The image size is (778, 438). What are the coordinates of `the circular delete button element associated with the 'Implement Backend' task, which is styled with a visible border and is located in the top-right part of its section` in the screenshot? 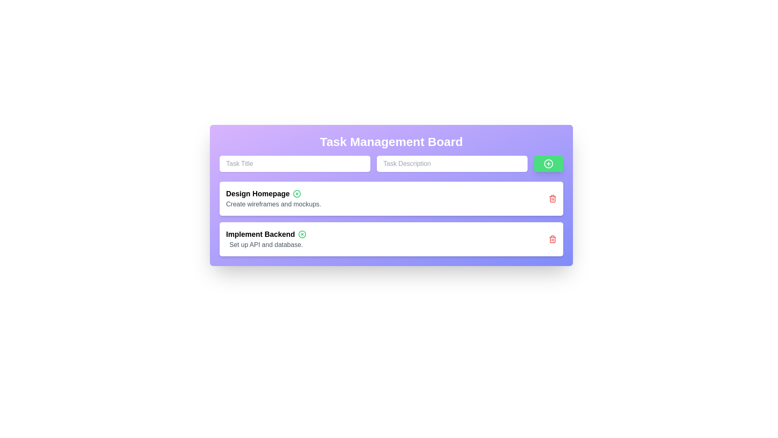 It's located at (302, 234).